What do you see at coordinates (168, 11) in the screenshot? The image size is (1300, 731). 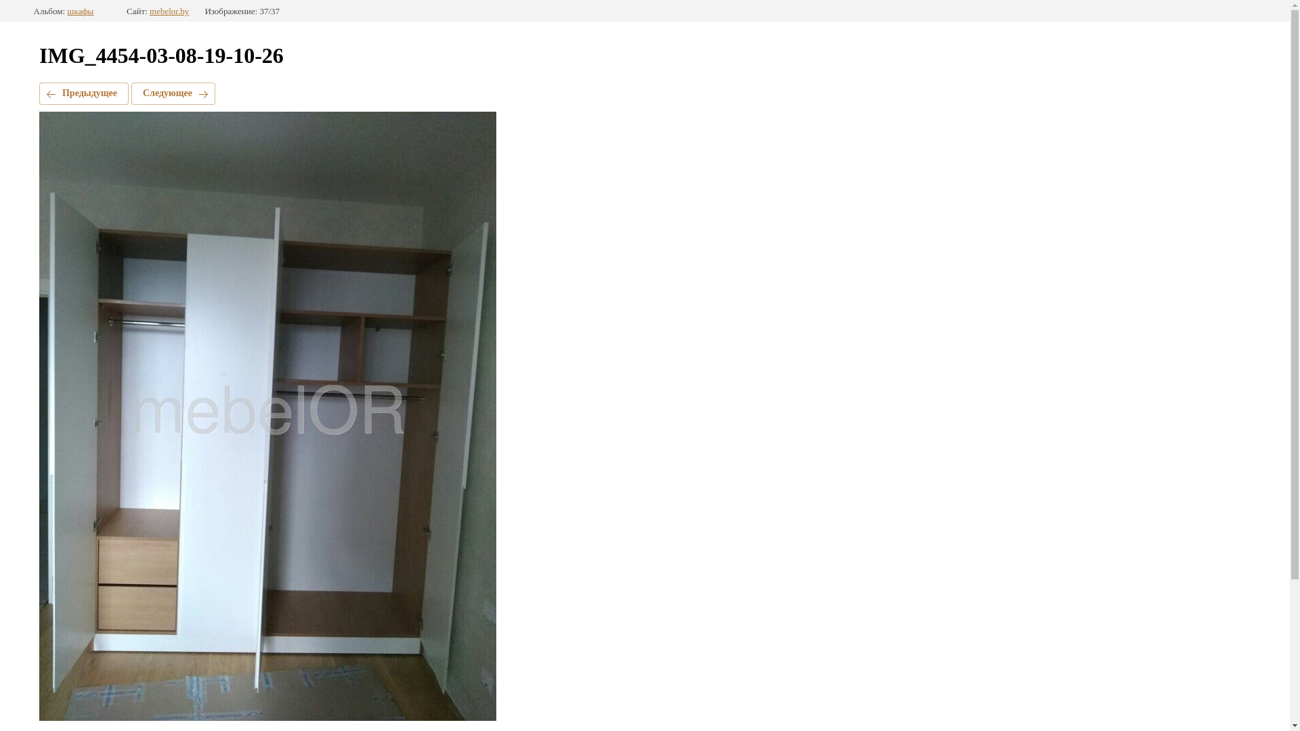 I see `'mebelor.by'` at bounding box center [168, 11].